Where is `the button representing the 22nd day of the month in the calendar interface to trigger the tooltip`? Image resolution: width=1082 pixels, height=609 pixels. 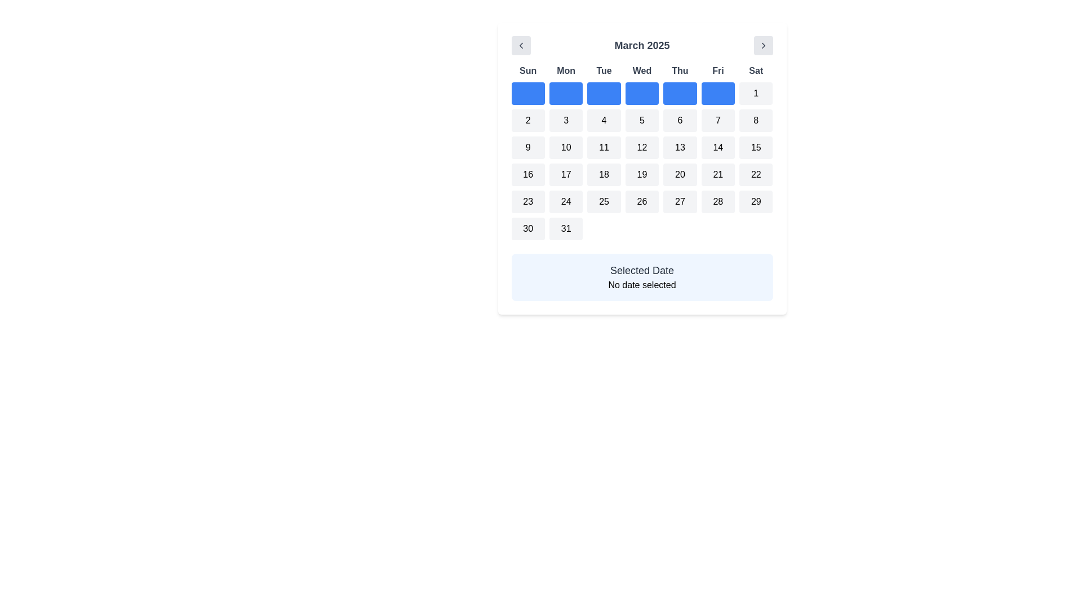 the button representing the 22nd day of the month in the calendar interface to trigger the tooltip is located at coordinates (756, 174).